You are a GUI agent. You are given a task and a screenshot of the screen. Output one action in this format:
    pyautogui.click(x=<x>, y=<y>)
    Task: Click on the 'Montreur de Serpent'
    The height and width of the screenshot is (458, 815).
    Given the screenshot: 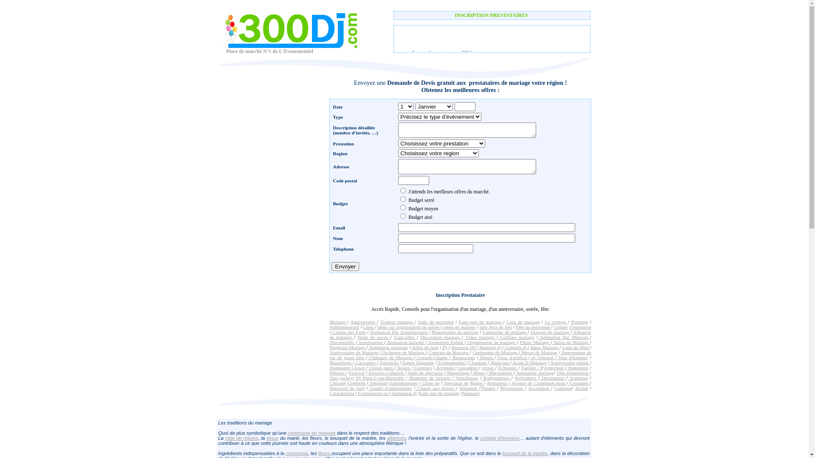 What is the action you would take?
    pyautogui.click(x=407, y=377)
    